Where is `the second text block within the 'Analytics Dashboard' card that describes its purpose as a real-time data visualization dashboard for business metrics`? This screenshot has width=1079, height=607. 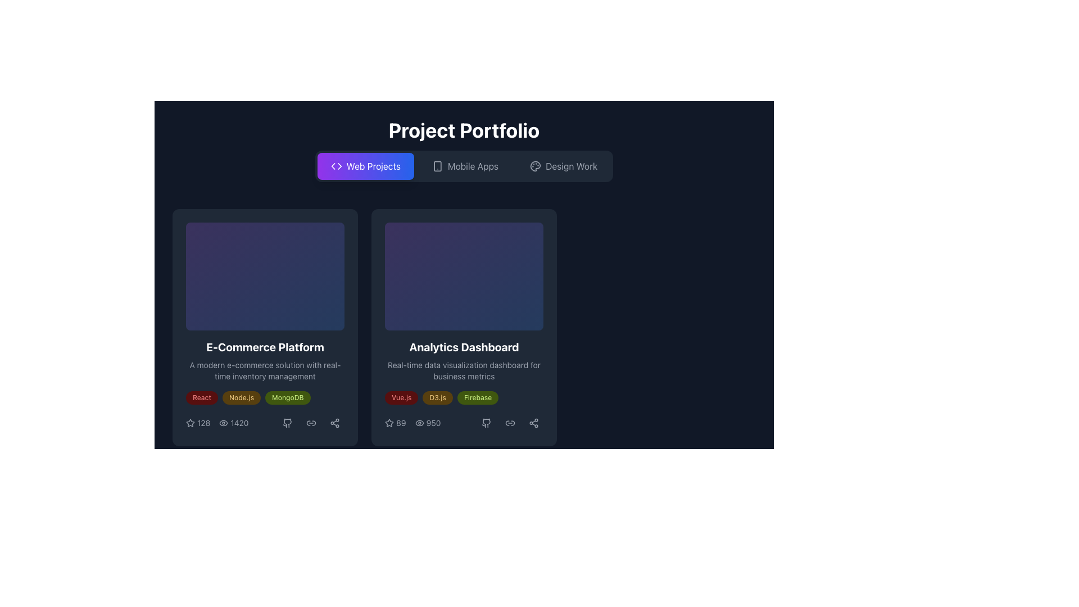 the second text block within the 'Analytics Dashboard' card that describes its purpose as a real-time data visualization dashboard for business metrics is located at coordinates (464, 370).